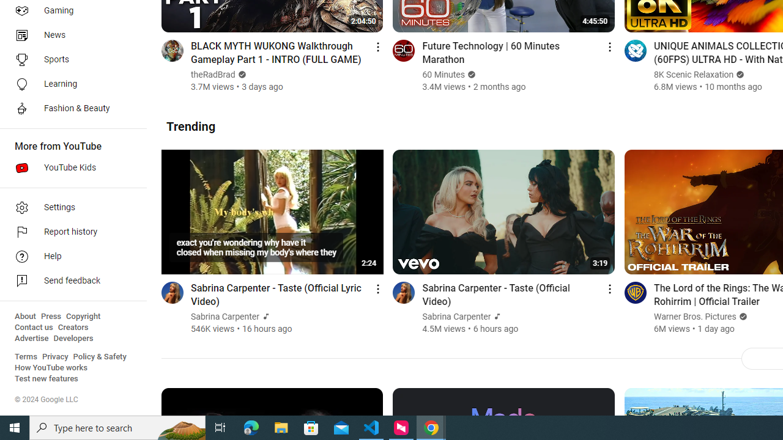  Describe the element at coordinates (69, 108) in the screenshot. I see `'Fashion & Beauty'` at that location.